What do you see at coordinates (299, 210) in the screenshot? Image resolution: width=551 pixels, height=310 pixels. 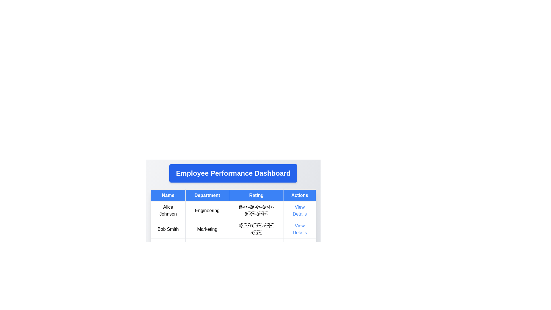 I see `the blue, underlined hyperlink labeled 'View Details' in the 'Actions' column of the table row for 'Alice Johnson'` at bounding box center [299, 210].